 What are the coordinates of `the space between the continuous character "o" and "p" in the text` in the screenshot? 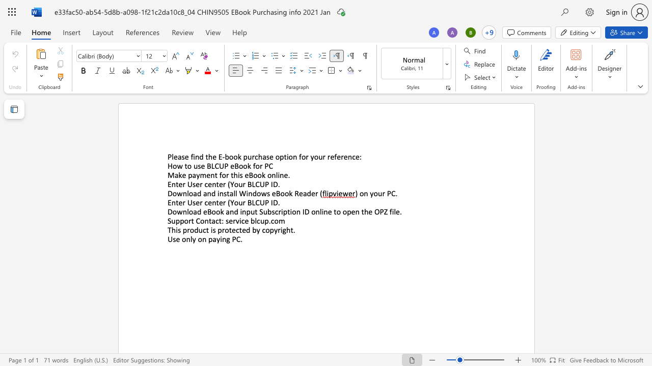 It's located at (269, 230).